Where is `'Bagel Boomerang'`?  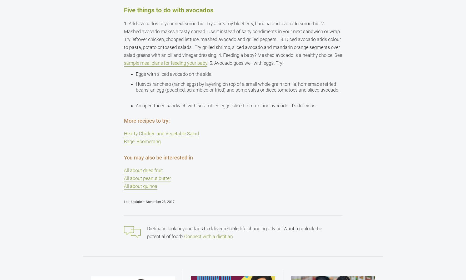
'Bagel Boomerang' is located at coordinates (142, 141).